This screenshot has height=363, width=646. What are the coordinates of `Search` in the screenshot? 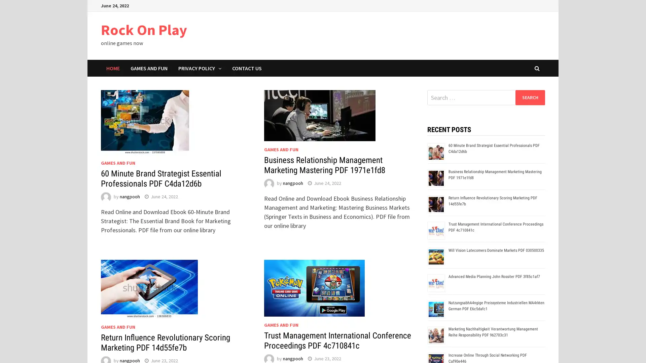 It's located at (530, 97).